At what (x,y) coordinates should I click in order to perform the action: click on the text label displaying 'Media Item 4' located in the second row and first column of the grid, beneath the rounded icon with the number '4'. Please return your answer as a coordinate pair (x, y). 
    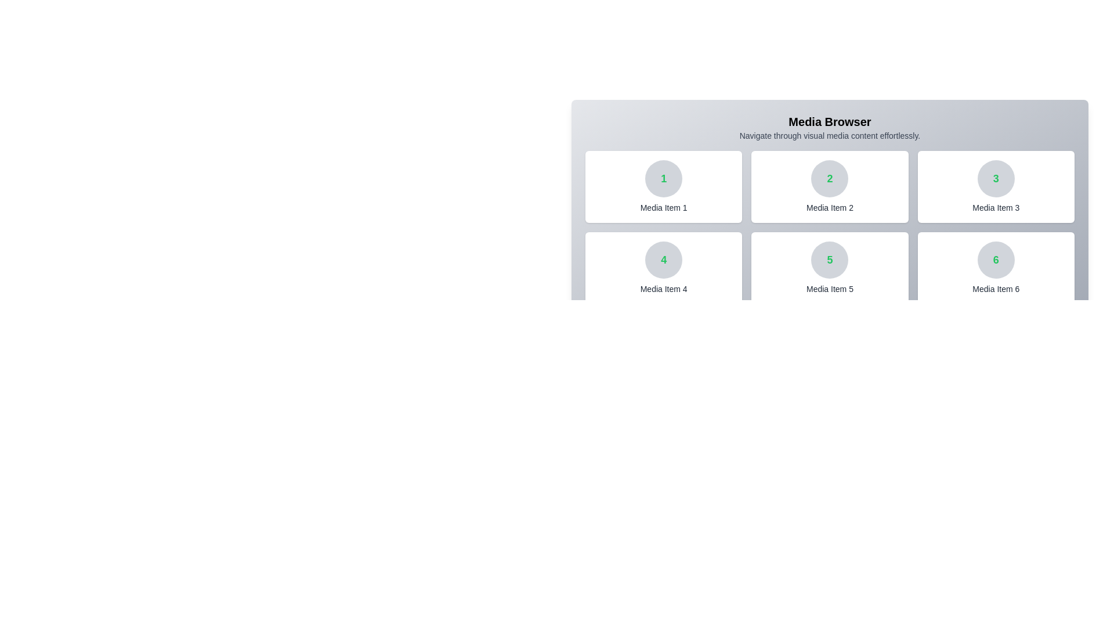
    Looking at the image, I should click on (664, 288).